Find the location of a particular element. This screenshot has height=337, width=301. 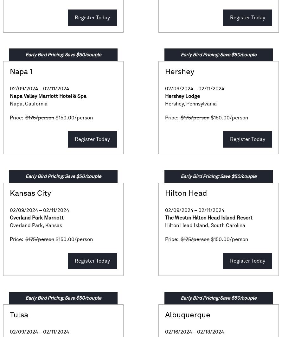

'Tulsa' is located at coordinates (10, 315).